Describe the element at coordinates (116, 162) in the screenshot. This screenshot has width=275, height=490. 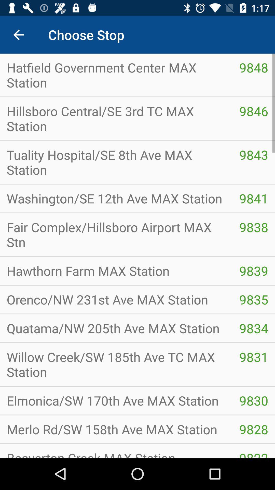
I see `the icon to the left of the 9843 item` at that location.